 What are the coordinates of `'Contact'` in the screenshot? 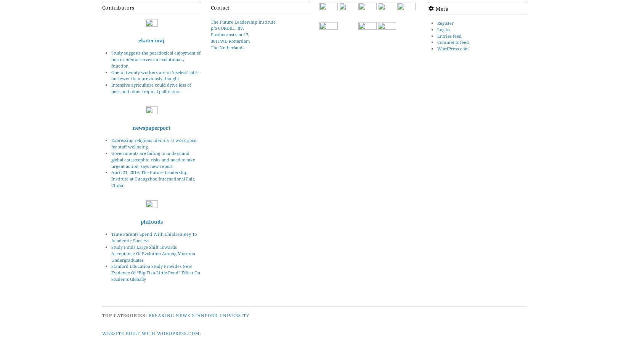 It's located at (220, 7).